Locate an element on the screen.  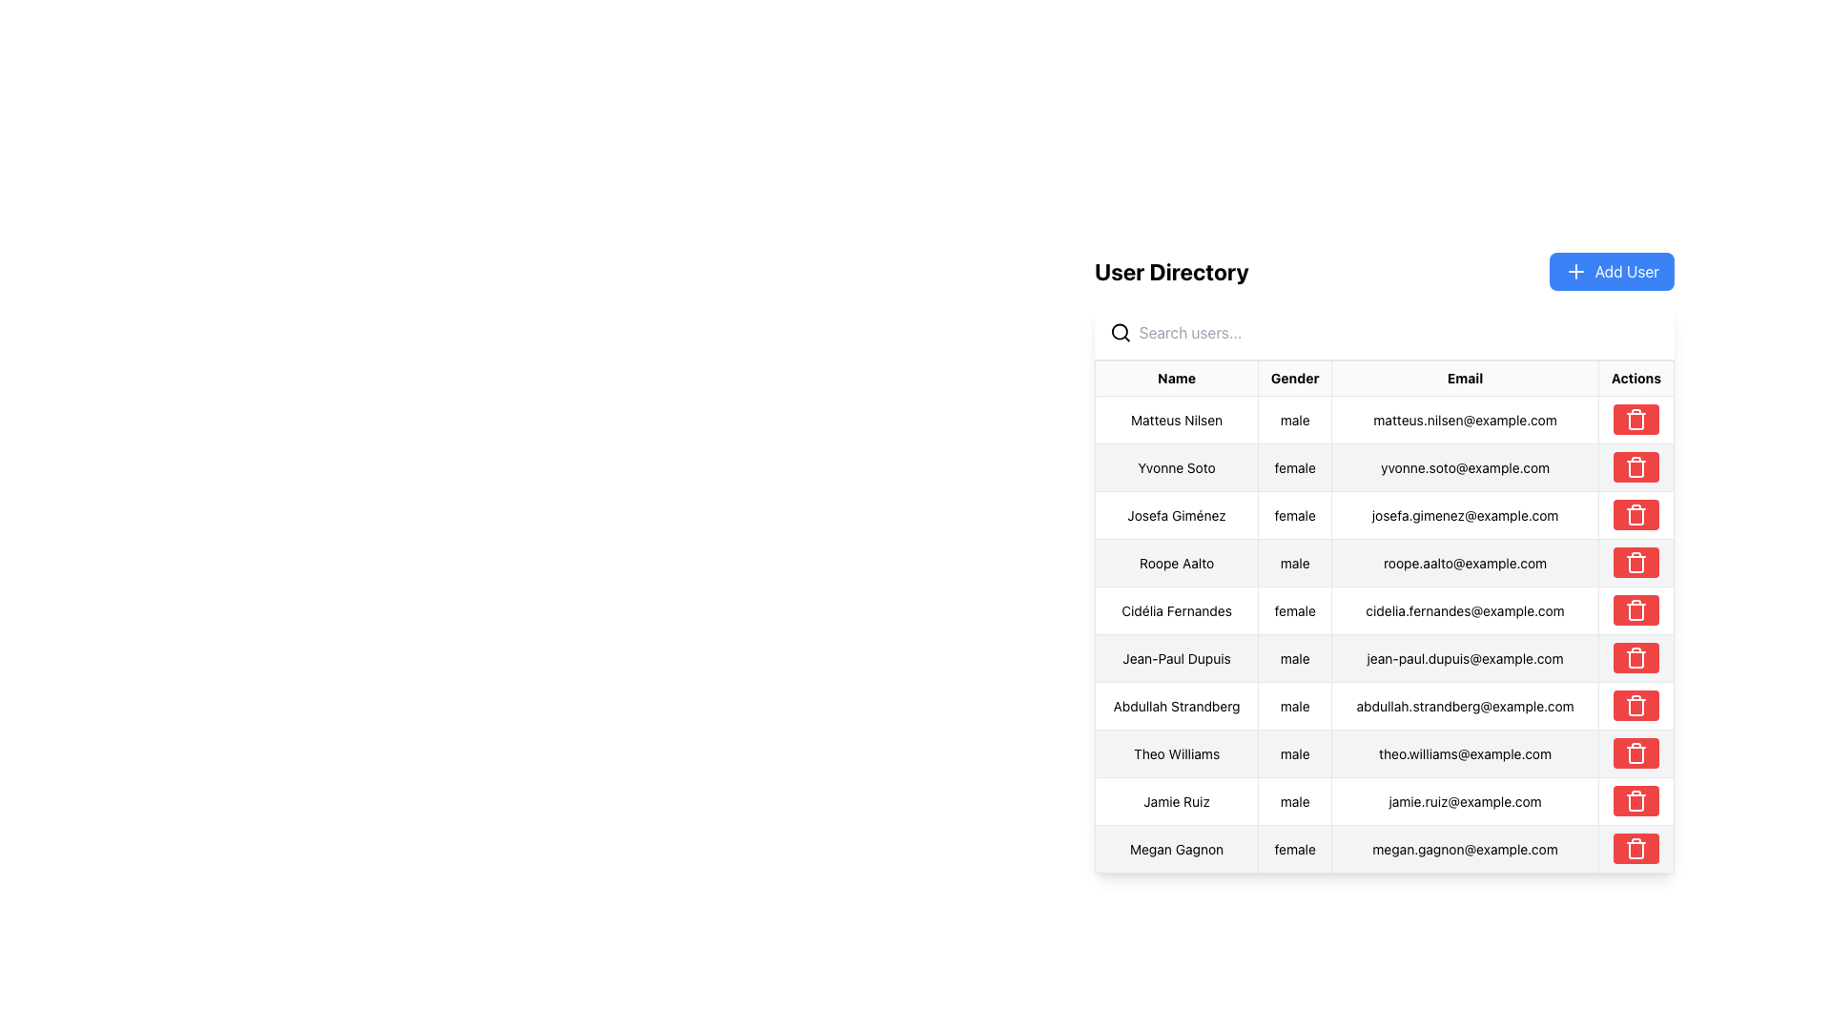
the delete button in the 'Actions' column corresponding to the user 'Jean-Paul Dupuis' is located at coordinates (1635, 657).